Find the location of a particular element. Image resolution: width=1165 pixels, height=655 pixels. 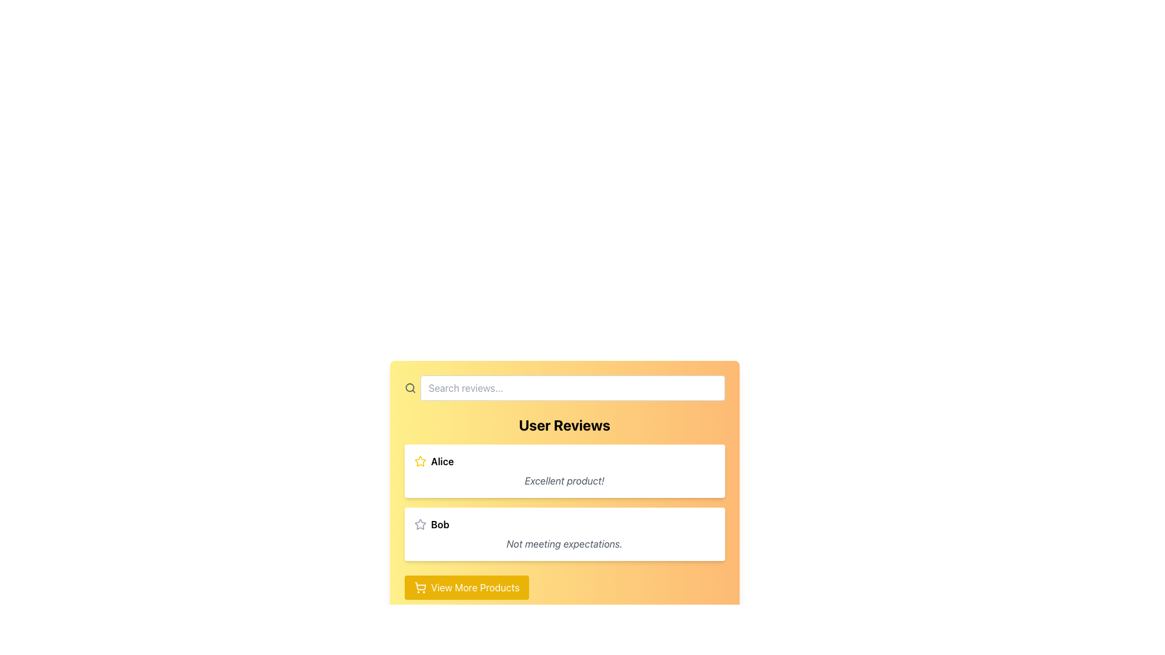

the gray star icon indicating inactivity, which is positioned to the left of the name 'Bob' in the second review item of the 'User Reviews' section is located at coordinates (420, 523).